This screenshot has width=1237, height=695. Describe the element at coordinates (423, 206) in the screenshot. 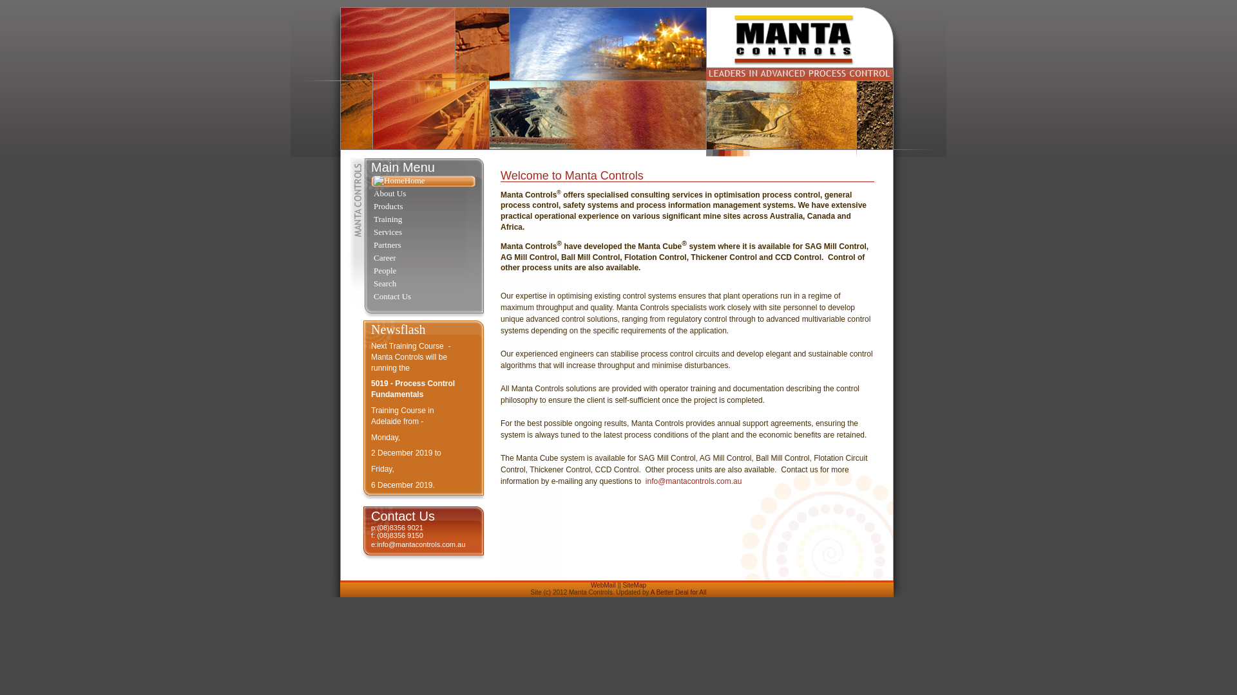

I see `'Products'` at that location.